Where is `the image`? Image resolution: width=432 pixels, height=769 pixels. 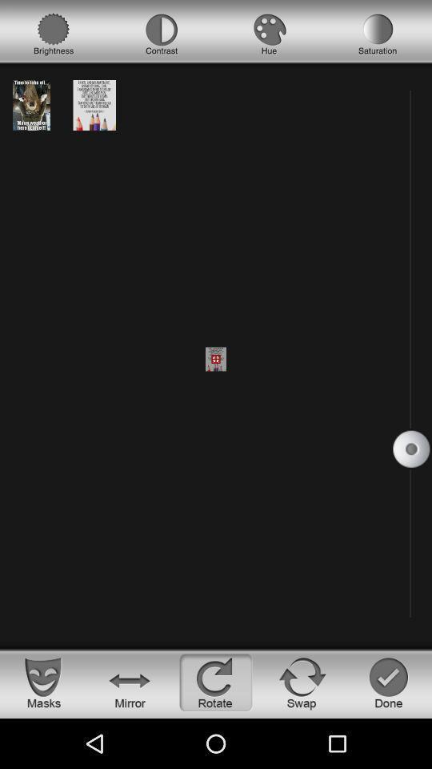
the image is located at coordinates (94, 104).